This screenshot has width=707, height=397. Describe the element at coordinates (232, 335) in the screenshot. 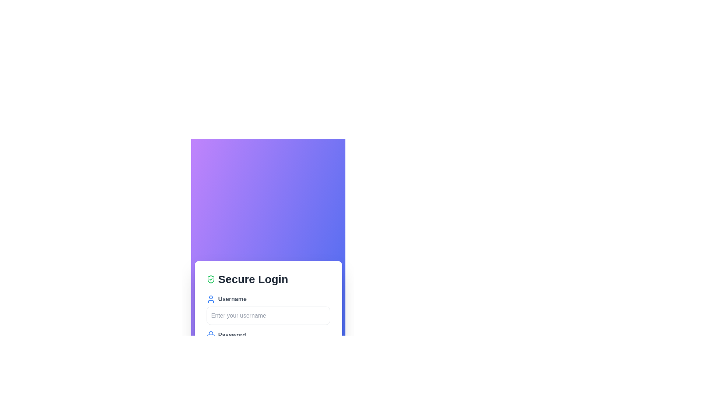

I see `the password label that indicates its purpose, which is positioned beneath the 'Username' label and field, and to the right of a blue lock icon` at that location.